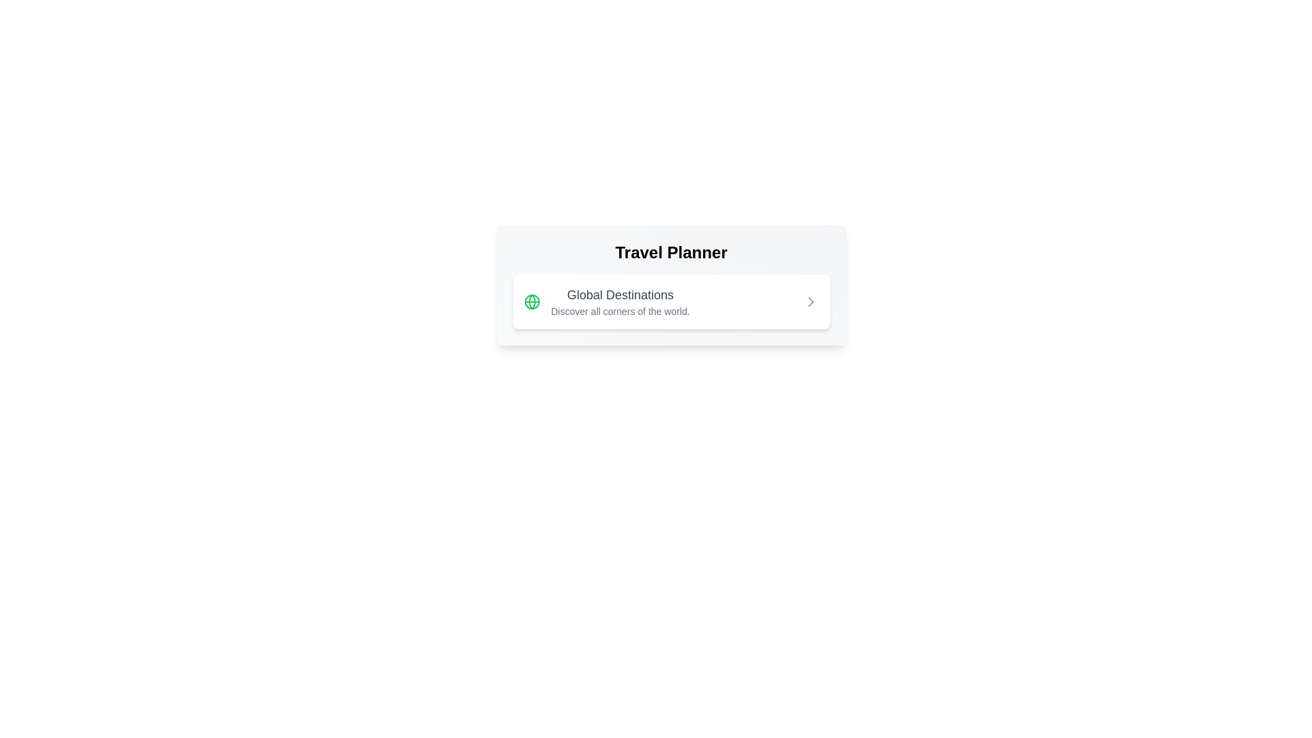 The image size is (1312, 738). What do you see at coordinates (810, 301) in the screenshot?
I see `the rightward-pointing chevron arrow icon located at the far right of the 'Global Destinations' text for navigation` at bounding box center [810, 301].